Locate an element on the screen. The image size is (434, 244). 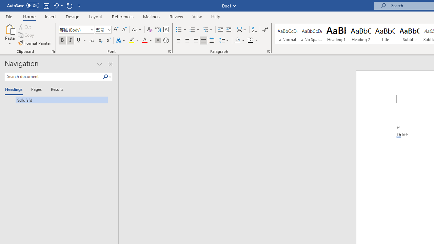
'Help' is located at coordinates (216, 16).